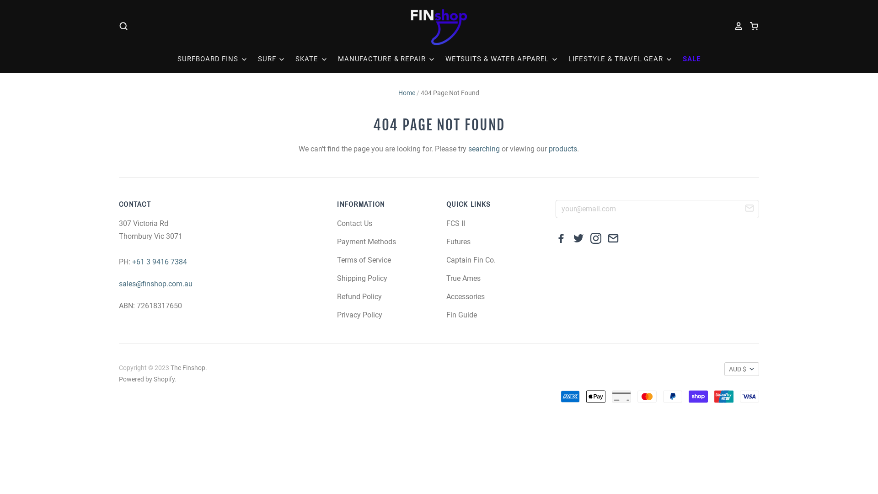 Image resolution: width=878 pixels, height=494 pixels. Describe the element at coordinates (337, 260) in the screenshot. I see `'Terms of Service'` at that location.